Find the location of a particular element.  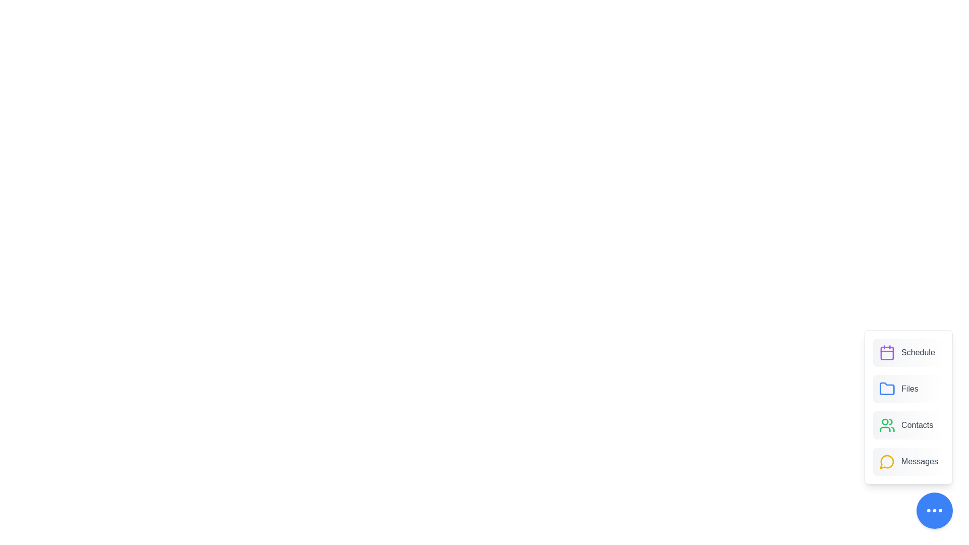

the 'Contacts' option in the MultiPurposeActionDial is located at coordinates (908, 425).